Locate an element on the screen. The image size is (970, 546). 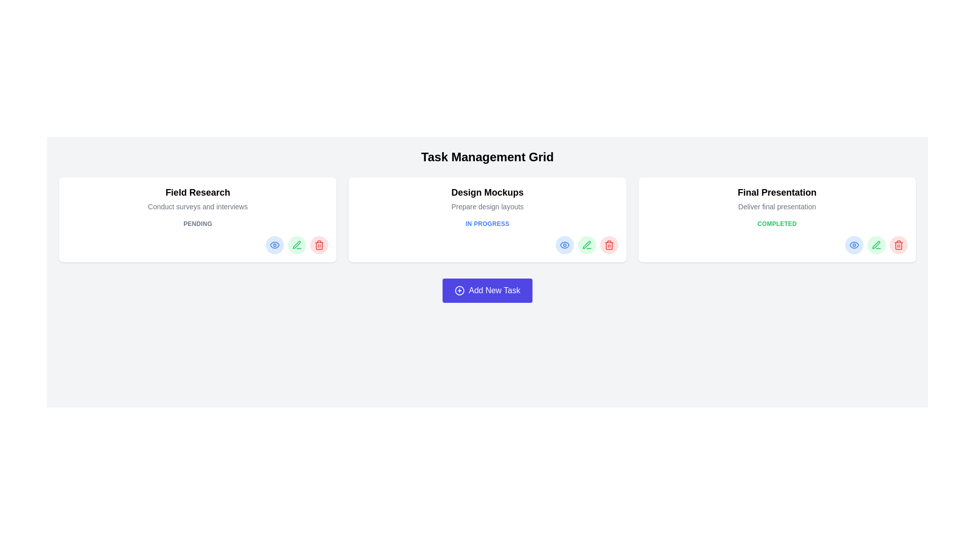
the green pen-shaped icon button located within the 'Design Mockups' task card is located at coordinates (587, 245).